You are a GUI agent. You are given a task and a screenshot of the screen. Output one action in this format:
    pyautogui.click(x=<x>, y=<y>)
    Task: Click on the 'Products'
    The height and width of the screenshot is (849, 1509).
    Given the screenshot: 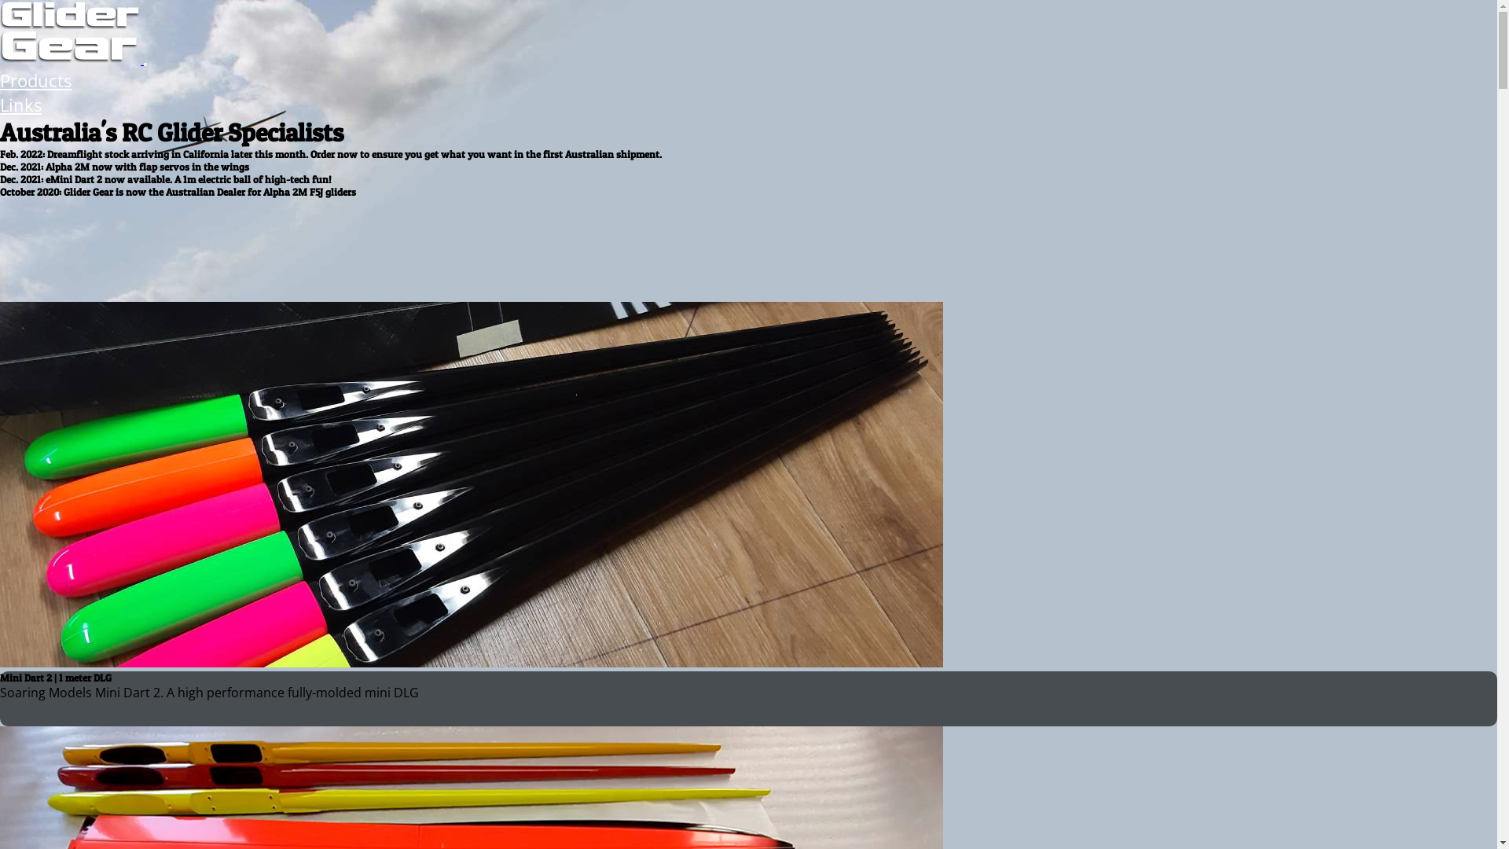 What is the action you would take?
    pyautogui.click(x=35, y=80)
    